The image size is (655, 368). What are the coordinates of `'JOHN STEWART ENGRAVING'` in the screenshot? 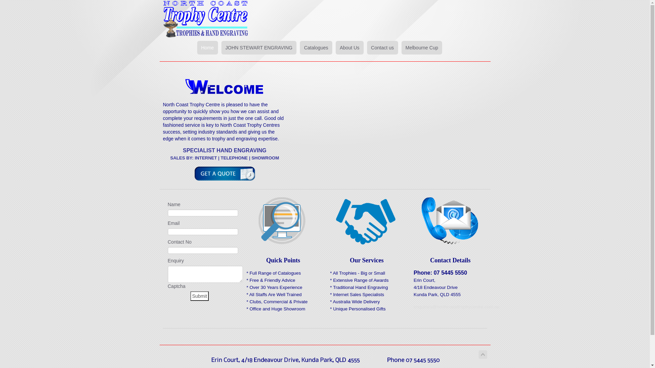 It's located at (258, 47).